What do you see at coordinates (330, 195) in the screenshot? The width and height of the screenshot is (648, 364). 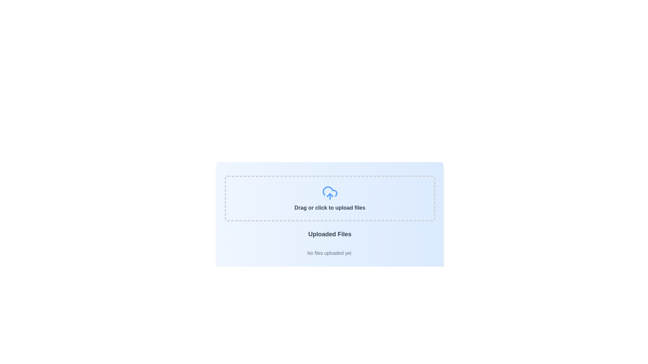 I see `the upload icon represented by an arrow pointing up inside a cloud, which is centered within a cloud shape icon for the upload functionality` at bounding box center [330, 195].